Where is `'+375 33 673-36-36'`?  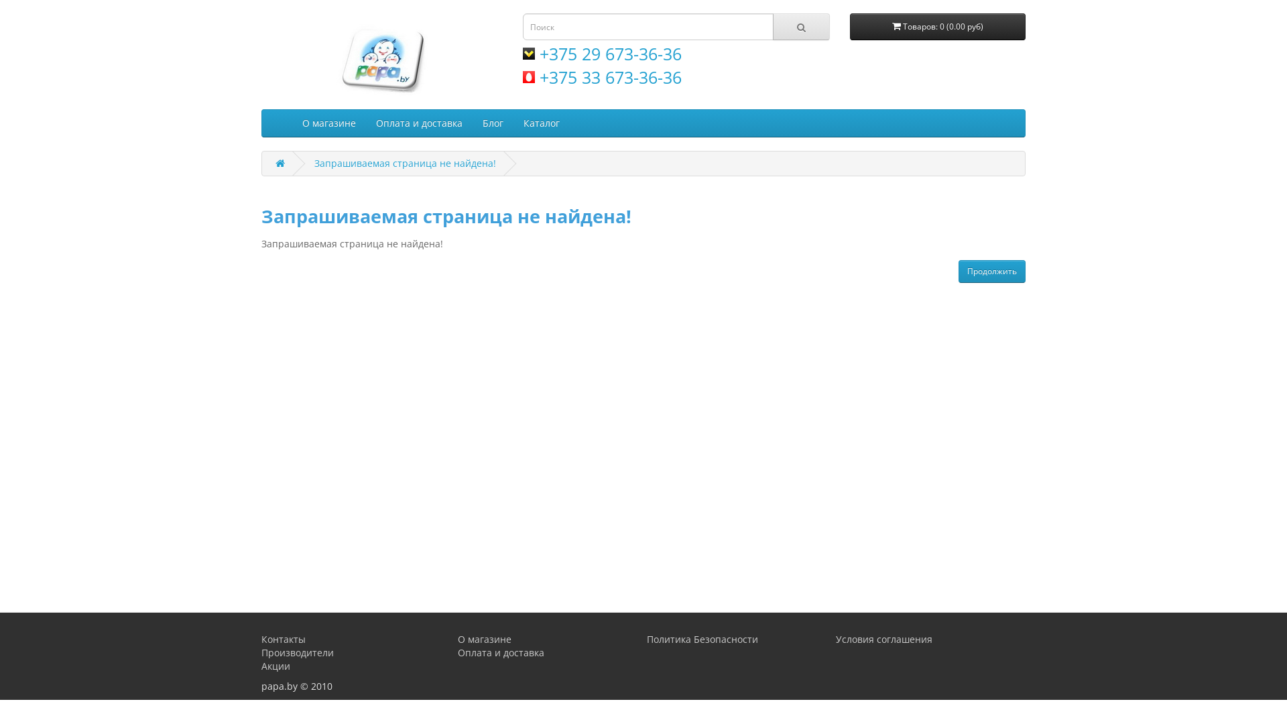 '+375 33 673-36-36' is located at coordinates (601, 77).